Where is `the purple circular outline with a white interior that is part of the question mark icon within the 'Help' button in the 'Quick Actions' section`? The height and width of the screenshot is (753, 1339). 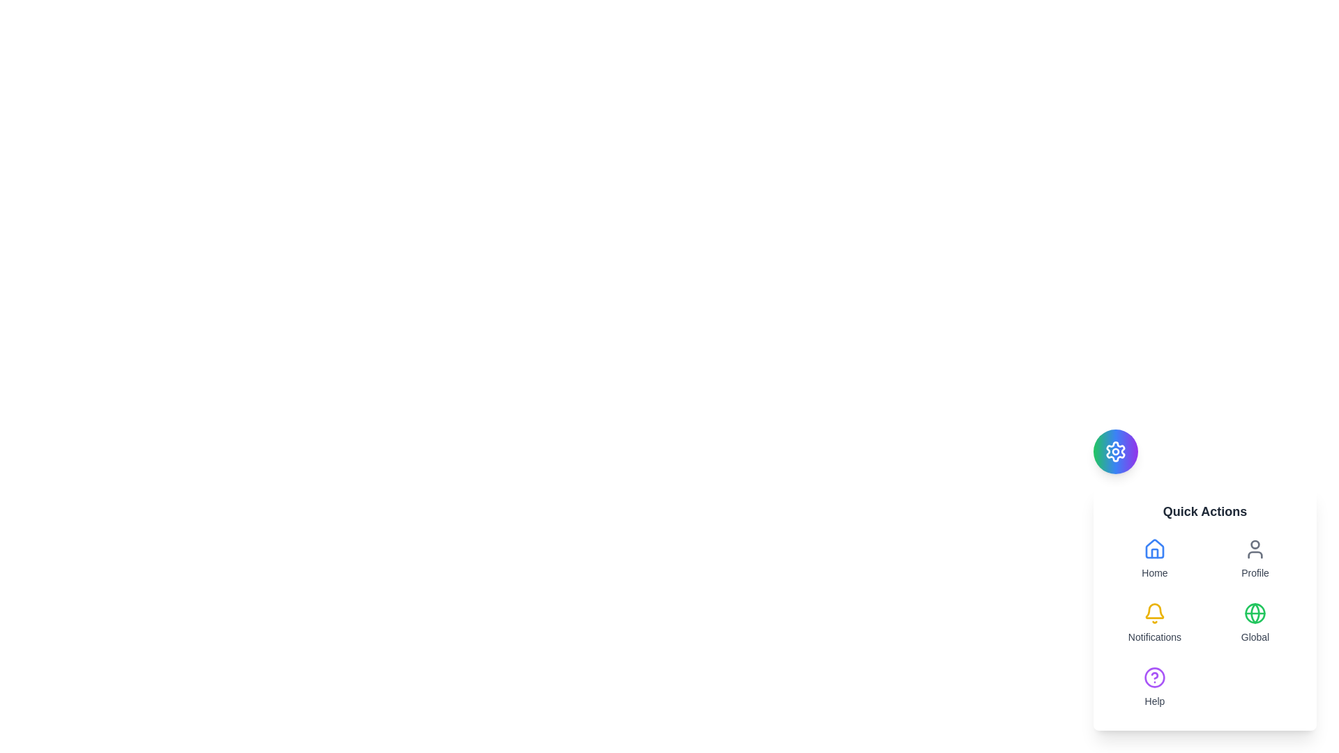 the purple circular outline with a white interior that is part of the question mark icon within the 'Help' button in the 'Quick Actions' section is located at coordinates (1155, 677).